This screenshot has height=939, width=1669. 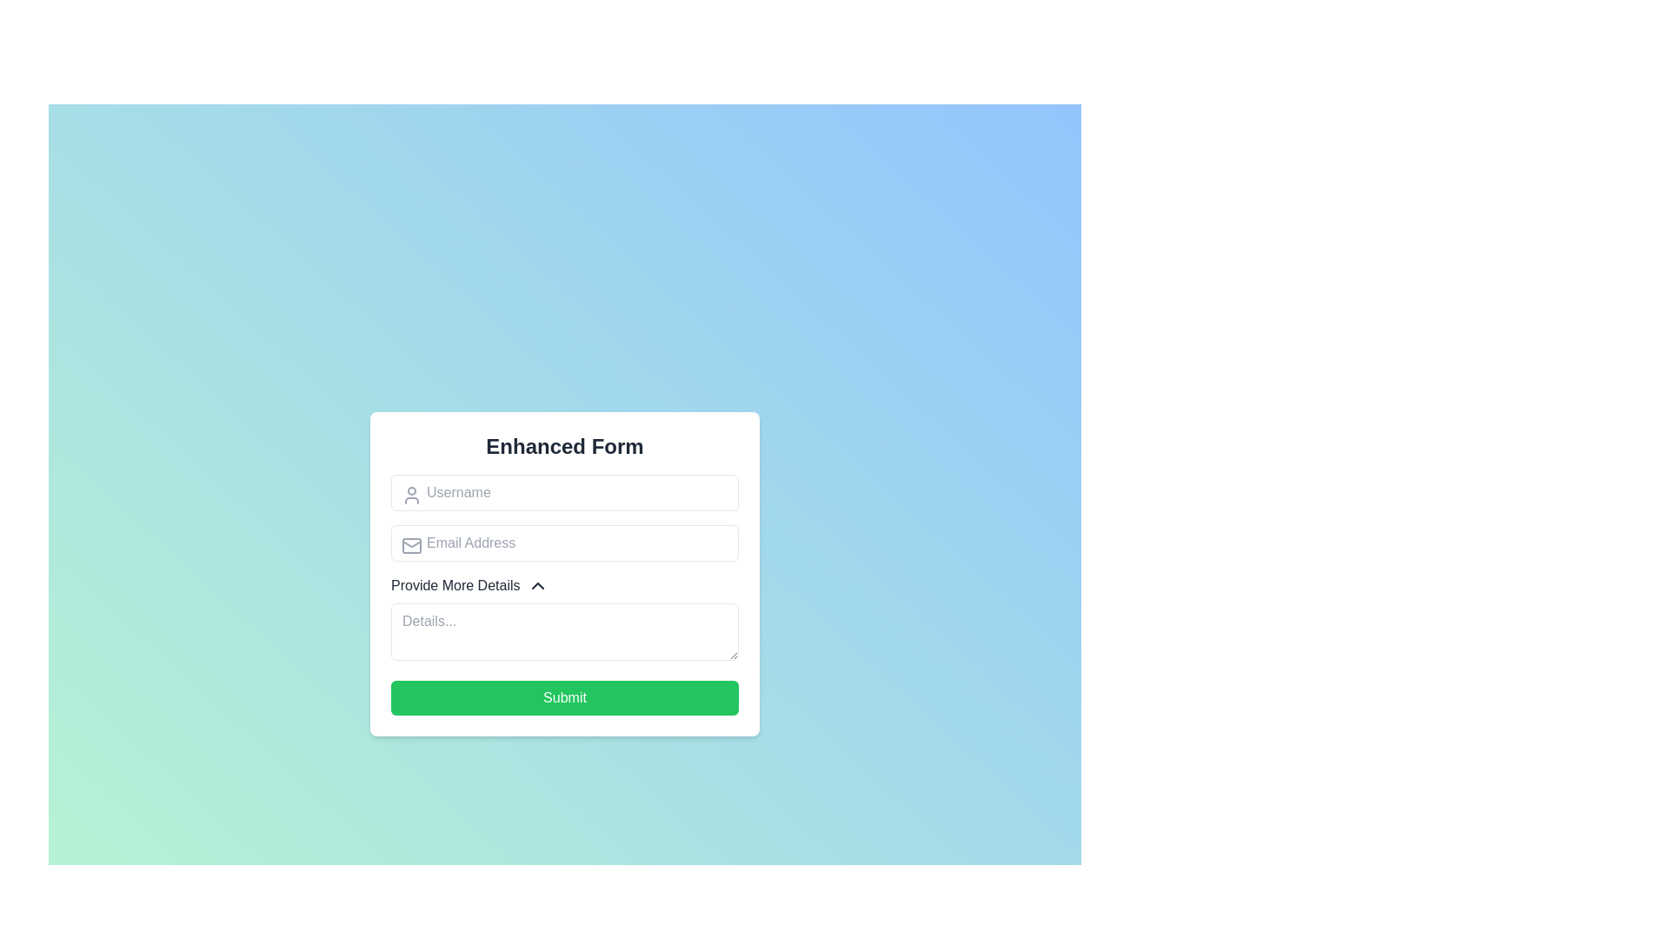 I want to click on the upward-pointing chevron icon that is part of the 'Provide More Details' button, located to the right of the text label, so click(x=536, y=585).